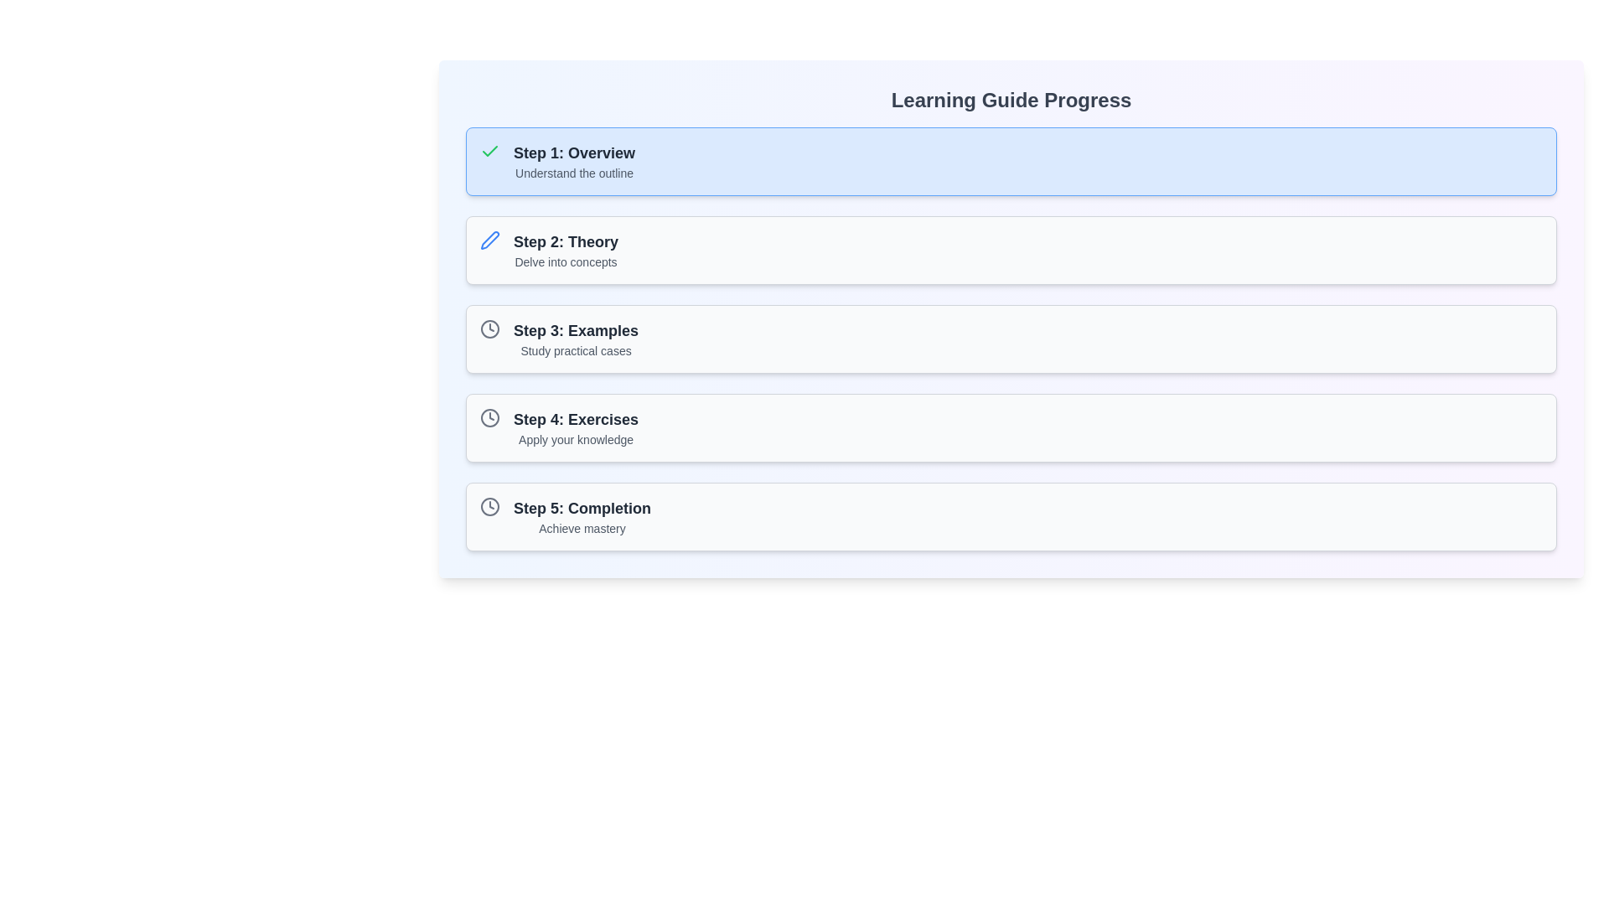 Image resolution: width=1609 pixels, height=905 pixels. Describe the element at coordinates (489, 506) in the screenshot. I see `the SVG circle element that serves as a visual cue for 'Step 3: Examples' in the learning guide` at that location.